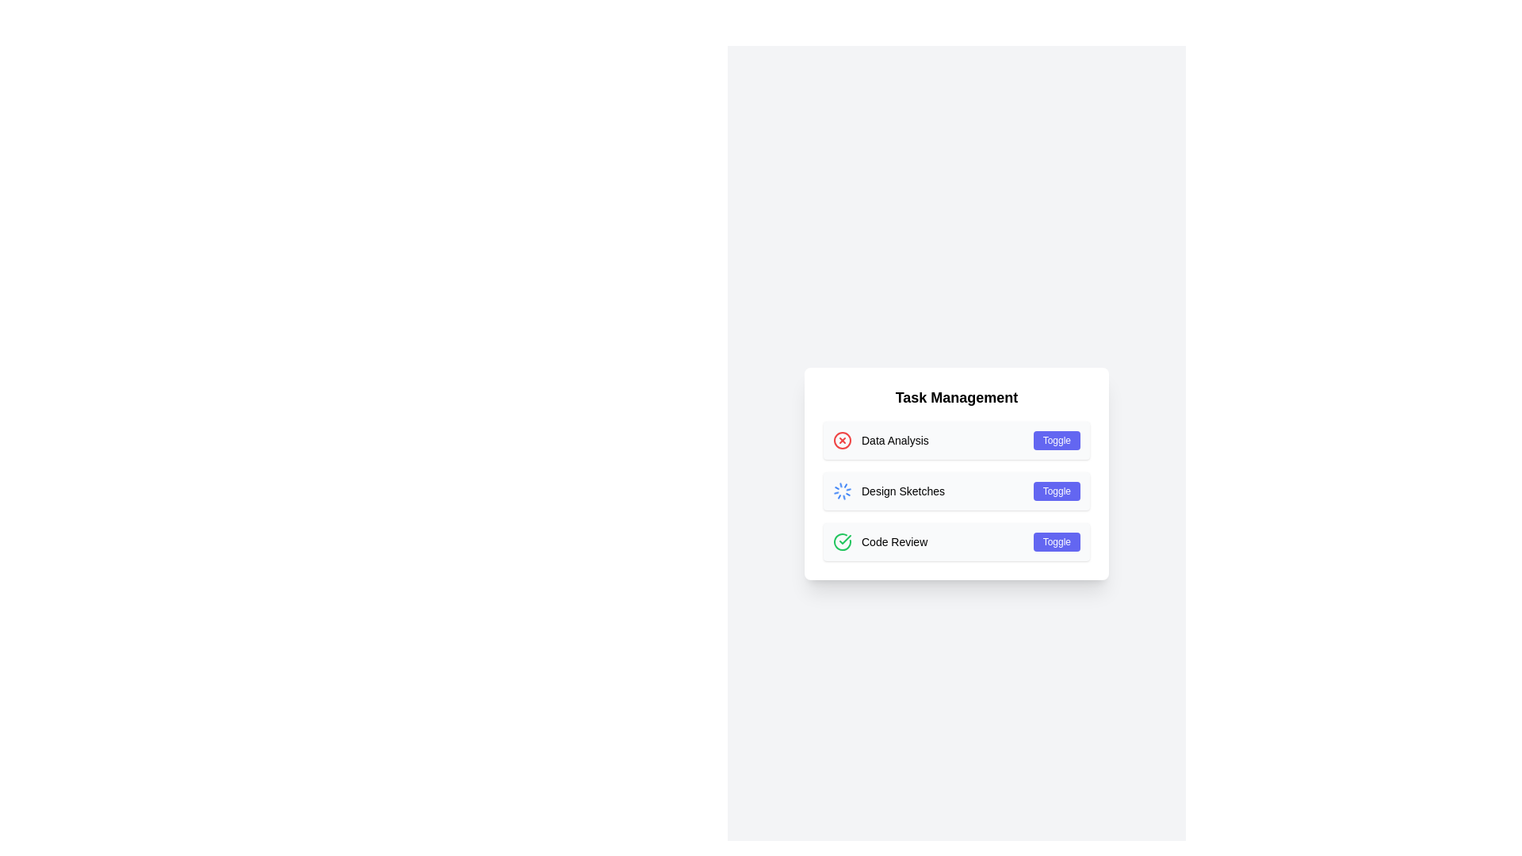 The image size is (1522, 856). Describe the element at coordinates (903, 491) in the screenshot. I see `the 'Design Sketches' text label in the Task Management section, located between a spinning loader icon and a Toggle button` at that location.